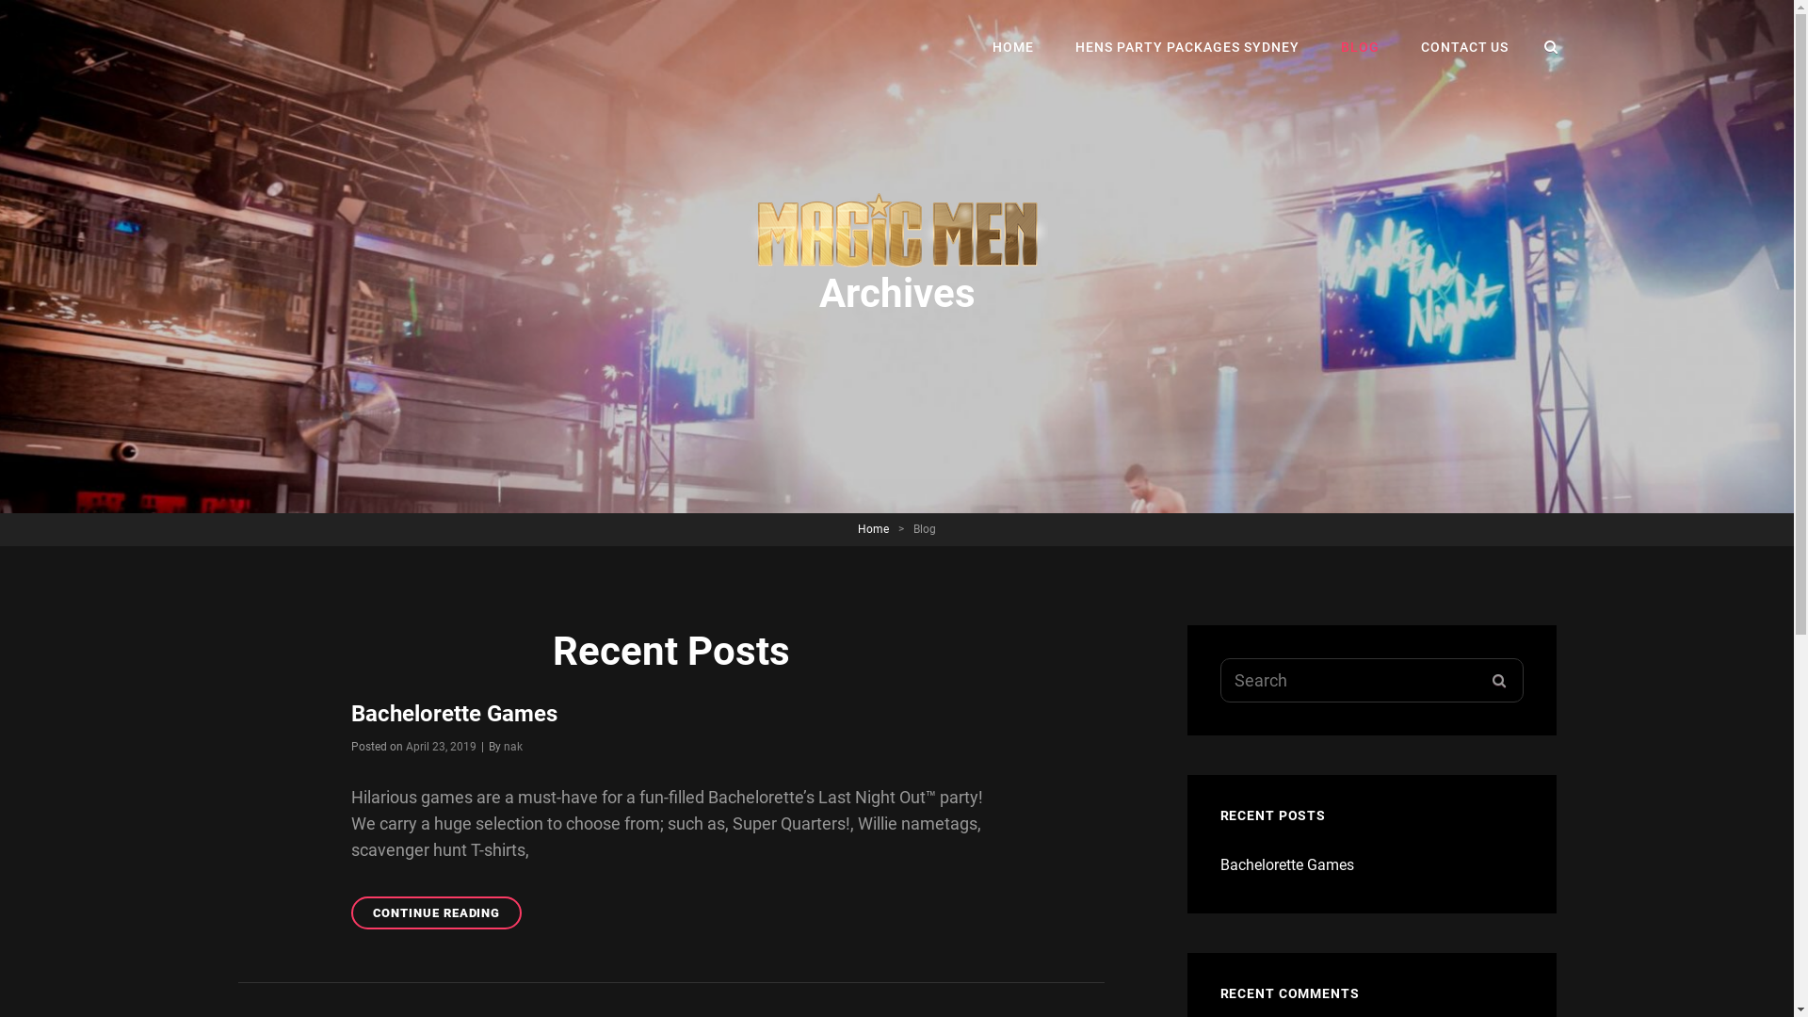  What do you see at coordinates (1463, 46) in the screenshot?
I see `'CONTACT US'` at bounding box center [1463, 46].